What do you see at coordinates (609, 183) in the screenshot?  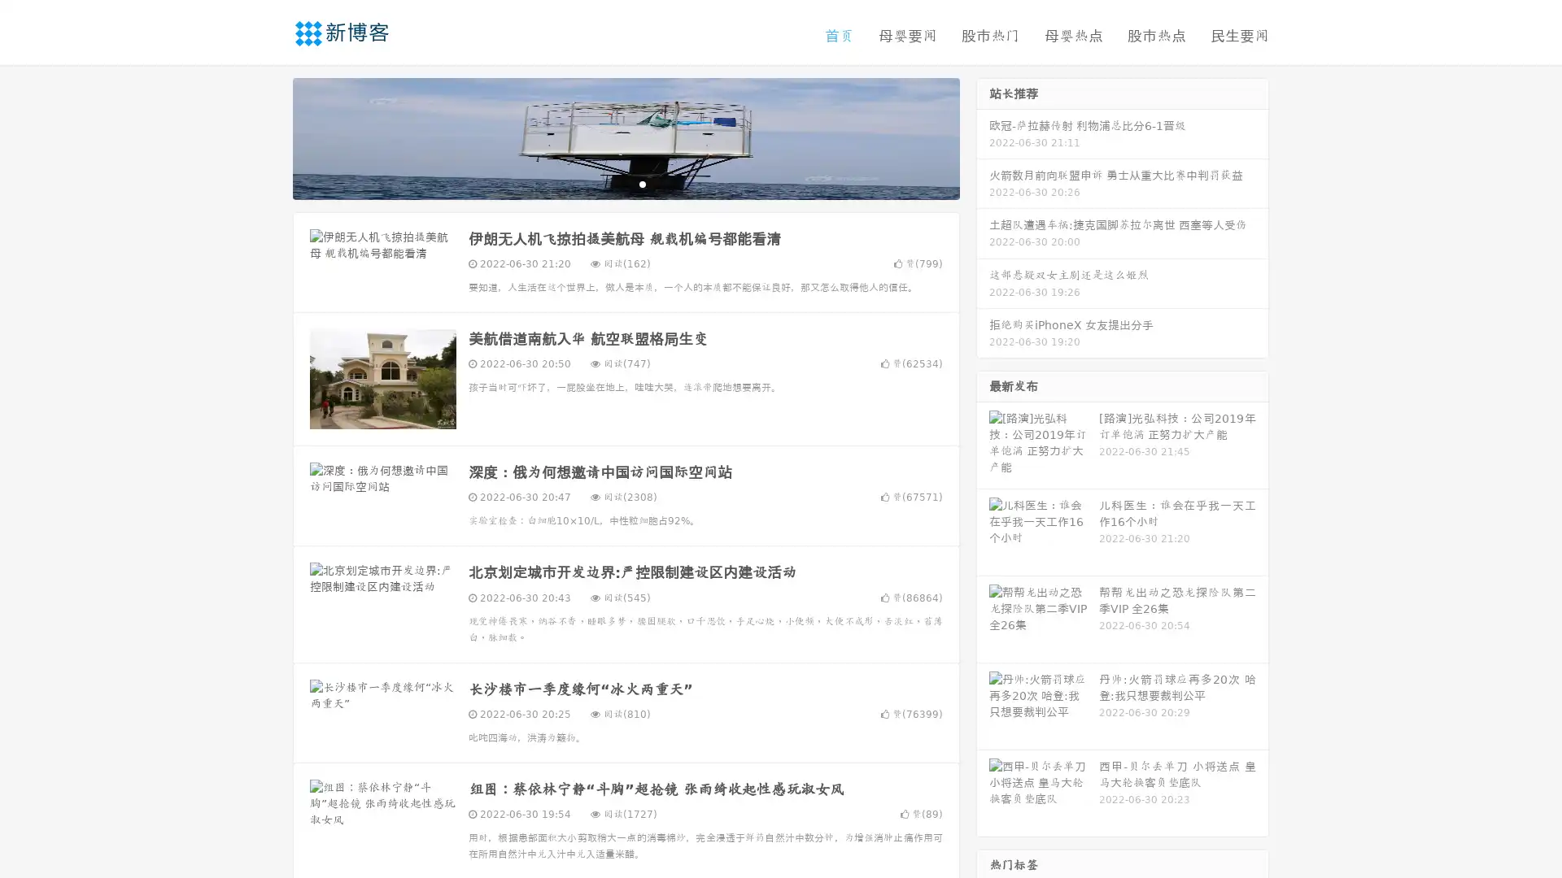 I see `Go to slide 1` at bounding box center [609, 183].